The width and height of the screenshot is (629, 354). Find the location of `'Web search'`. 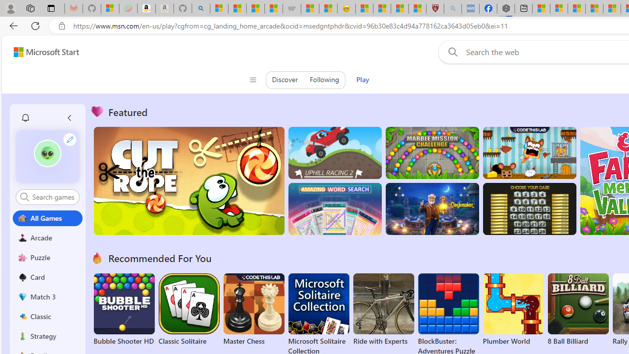

'Web search' is located at coordinates (450, 52).